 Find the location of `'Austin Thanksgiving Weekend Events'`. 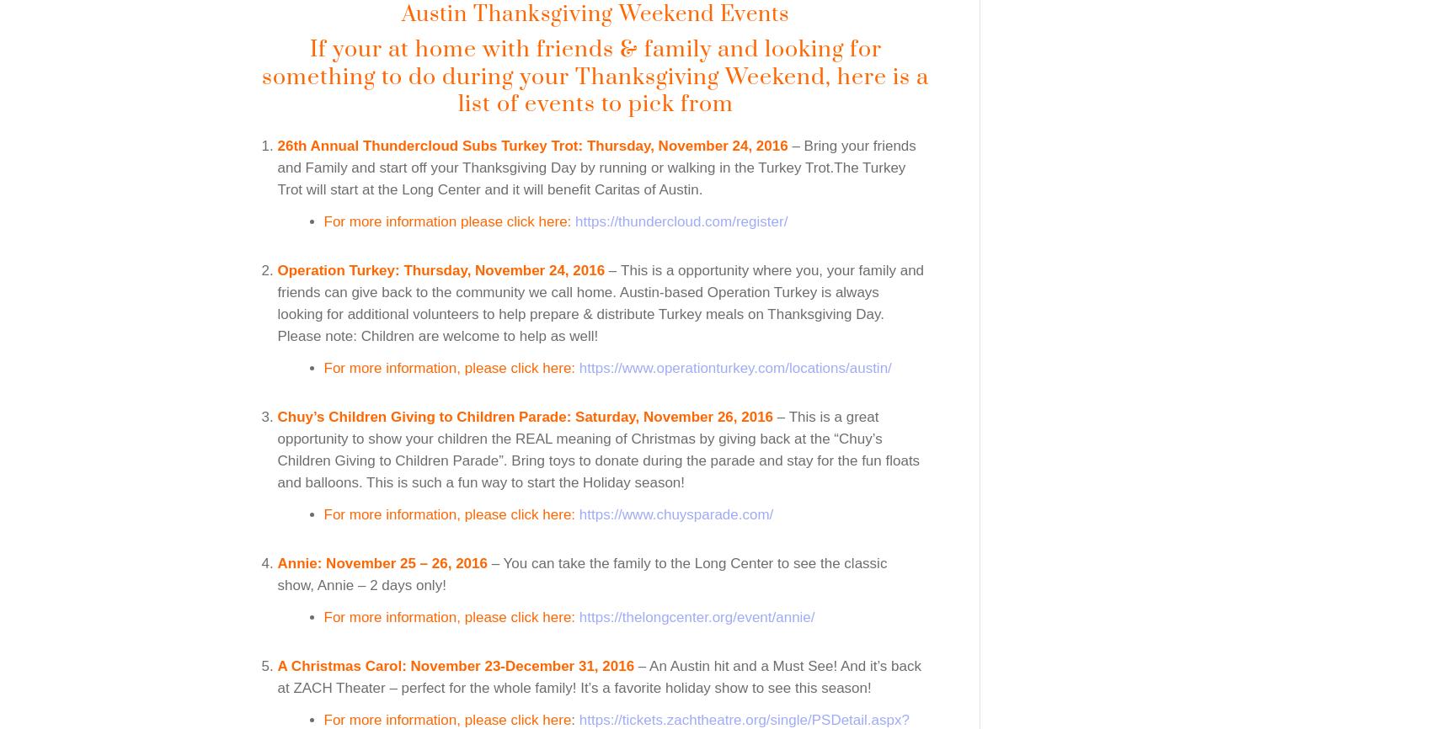

'Austin Thanksgiving Weekend Events' is located at coordinates (401, 13).